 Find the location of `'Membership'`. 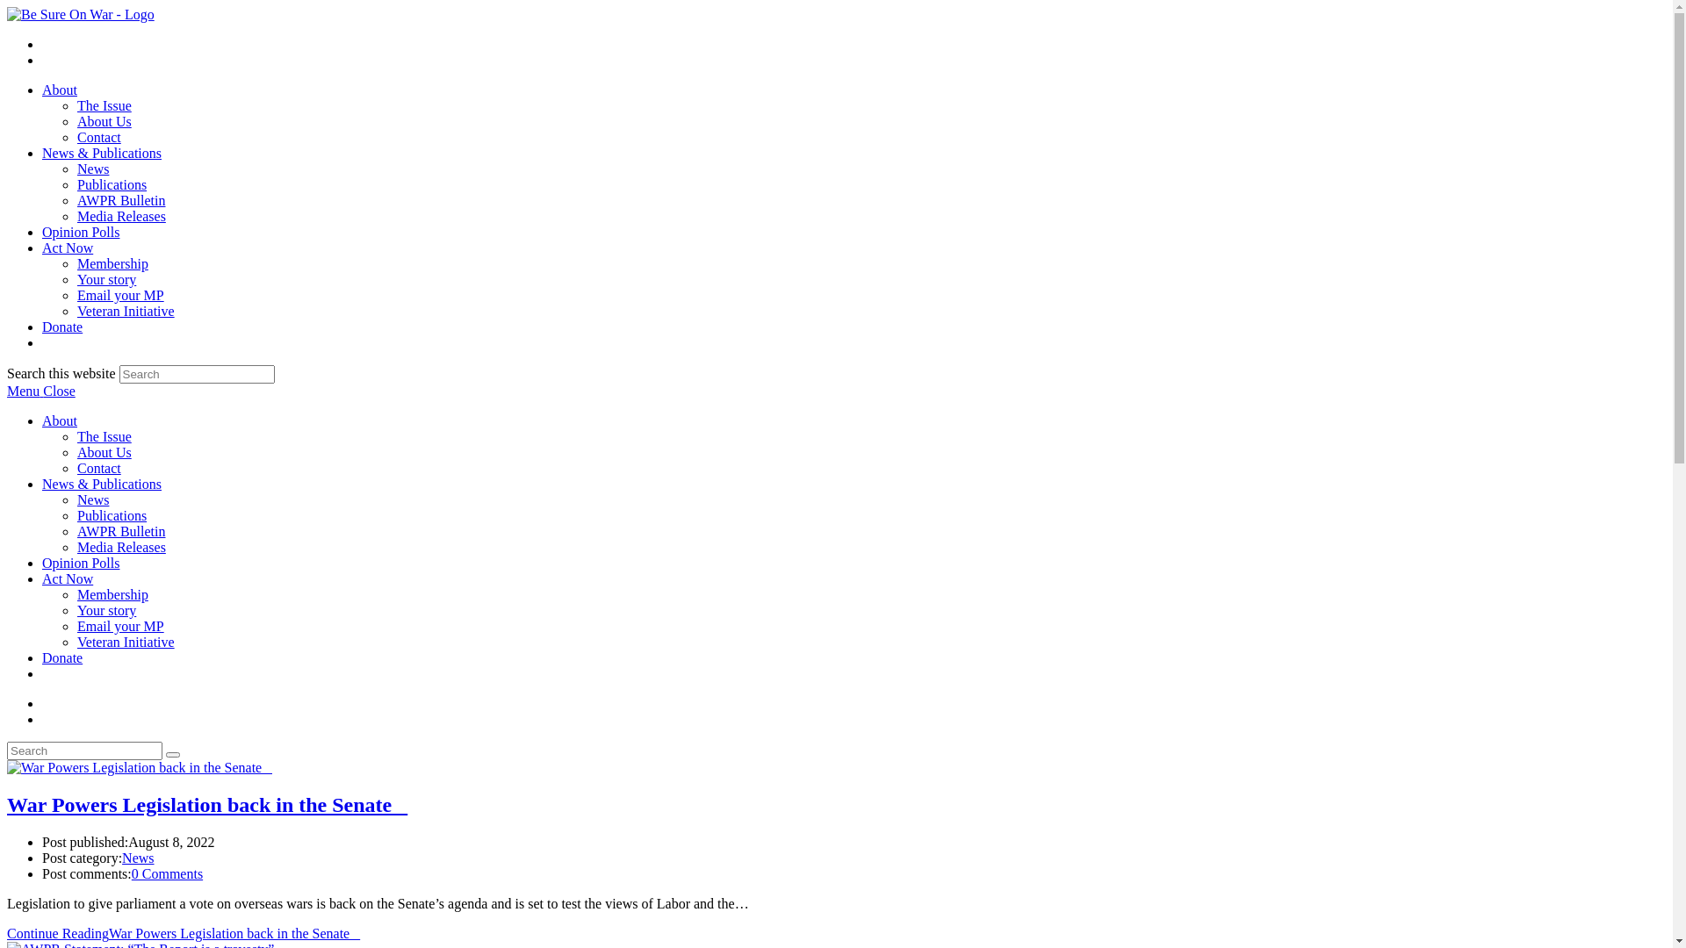

'Membership' is located at coordinates (112, 593).